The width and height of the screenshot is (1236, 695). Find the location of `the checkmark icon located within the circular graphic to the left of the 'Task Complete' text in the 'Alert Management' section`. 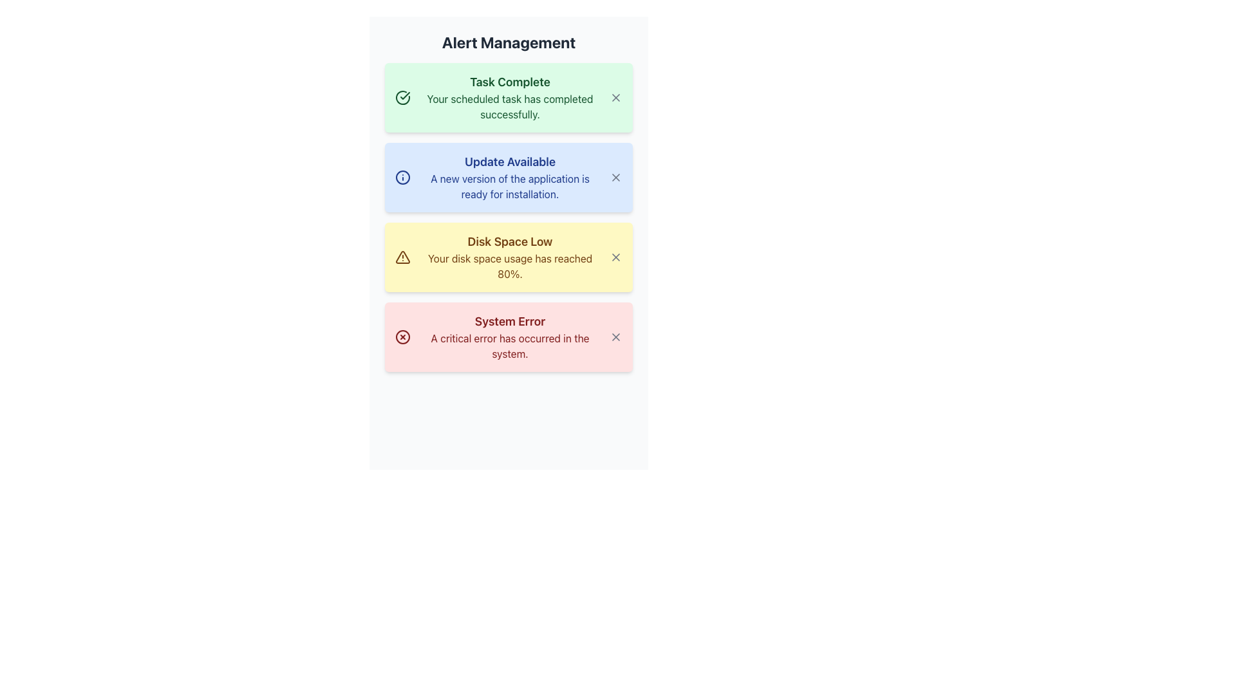

the checkmark icon located within the circular graphic to the left of the 'Task Complete' text in the 'Alert Management' section is located at coordinates (404, 95).